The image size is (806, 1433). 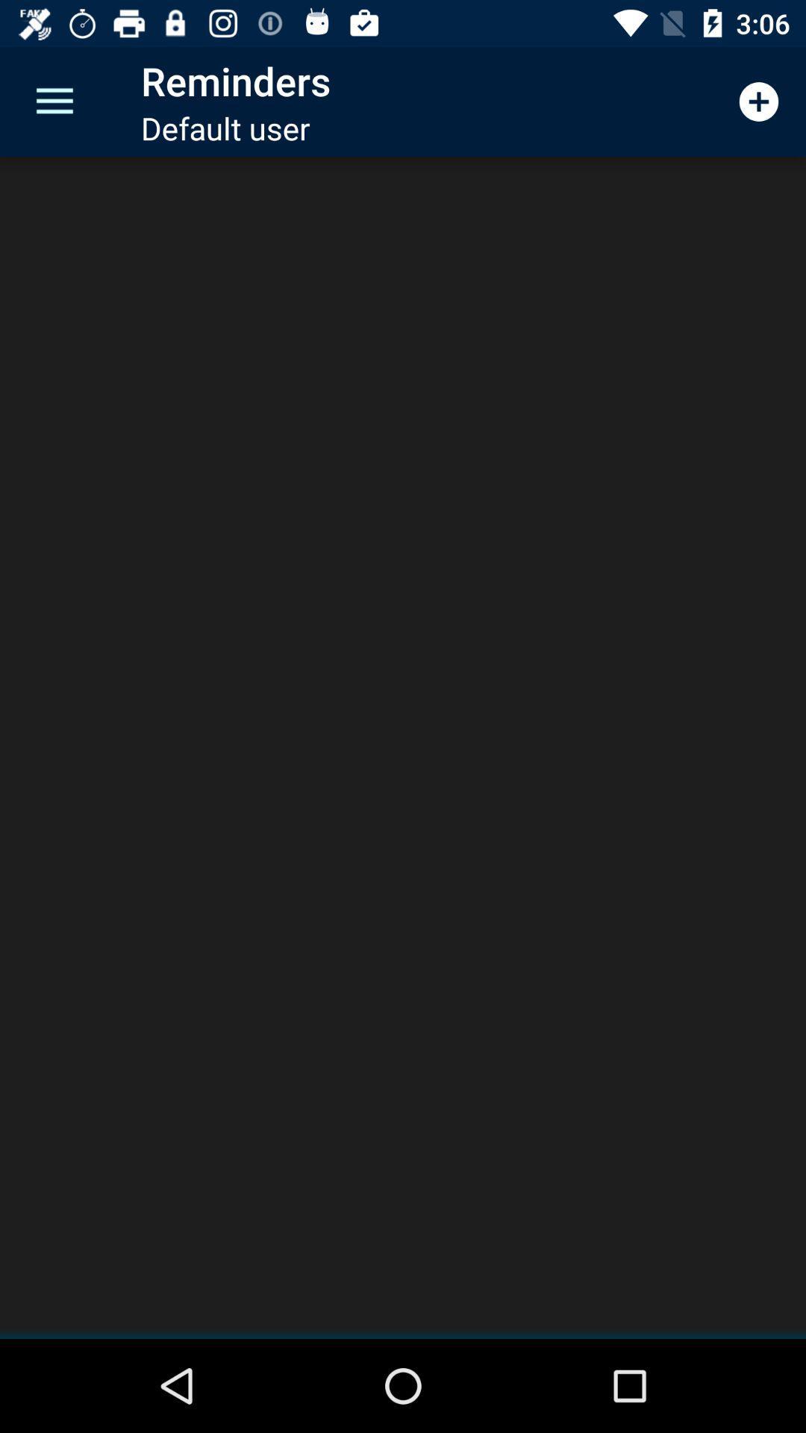 What do you see at coordinates (54, 101) in the screenshot?
I see `item next to reminders item` at bounding box center [54, 101].